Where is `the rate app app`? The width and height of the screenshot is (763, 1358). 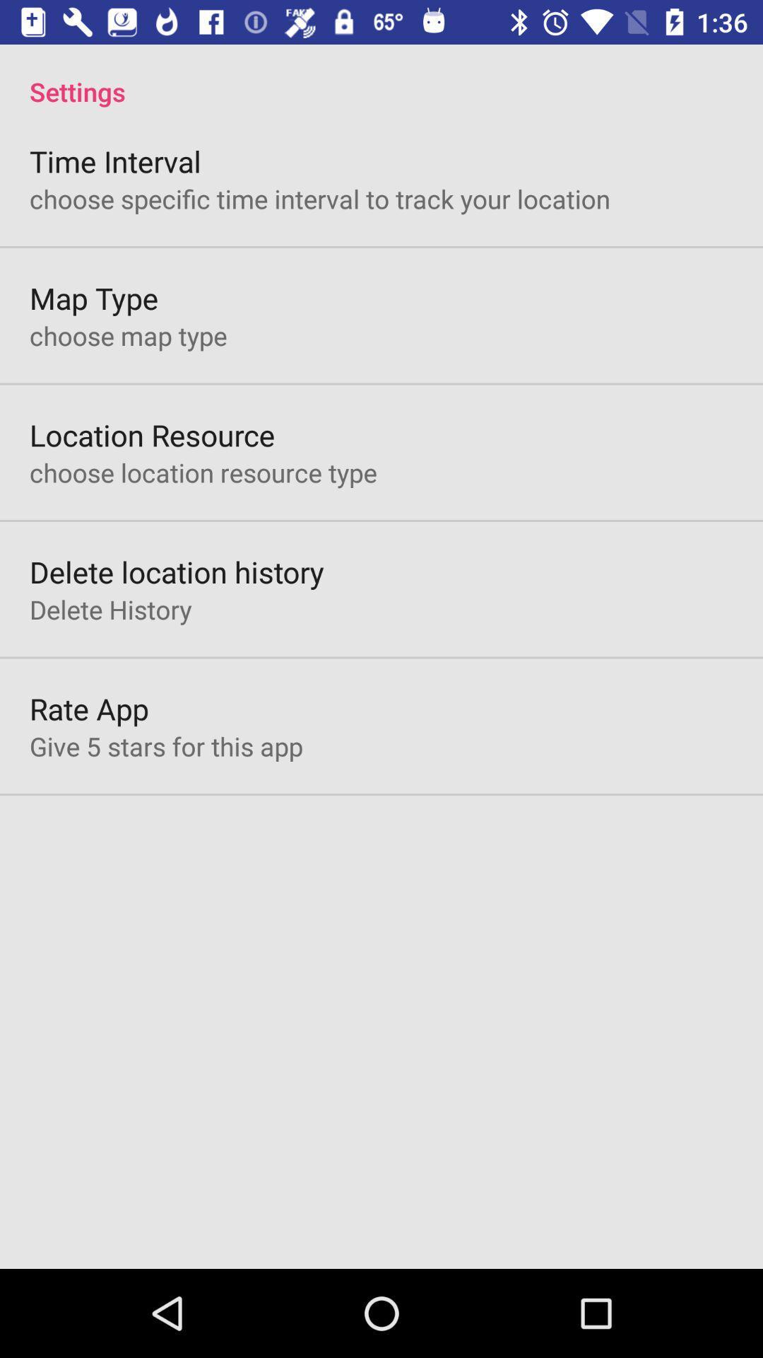 the rate app app is located at coordinates (89, 709).